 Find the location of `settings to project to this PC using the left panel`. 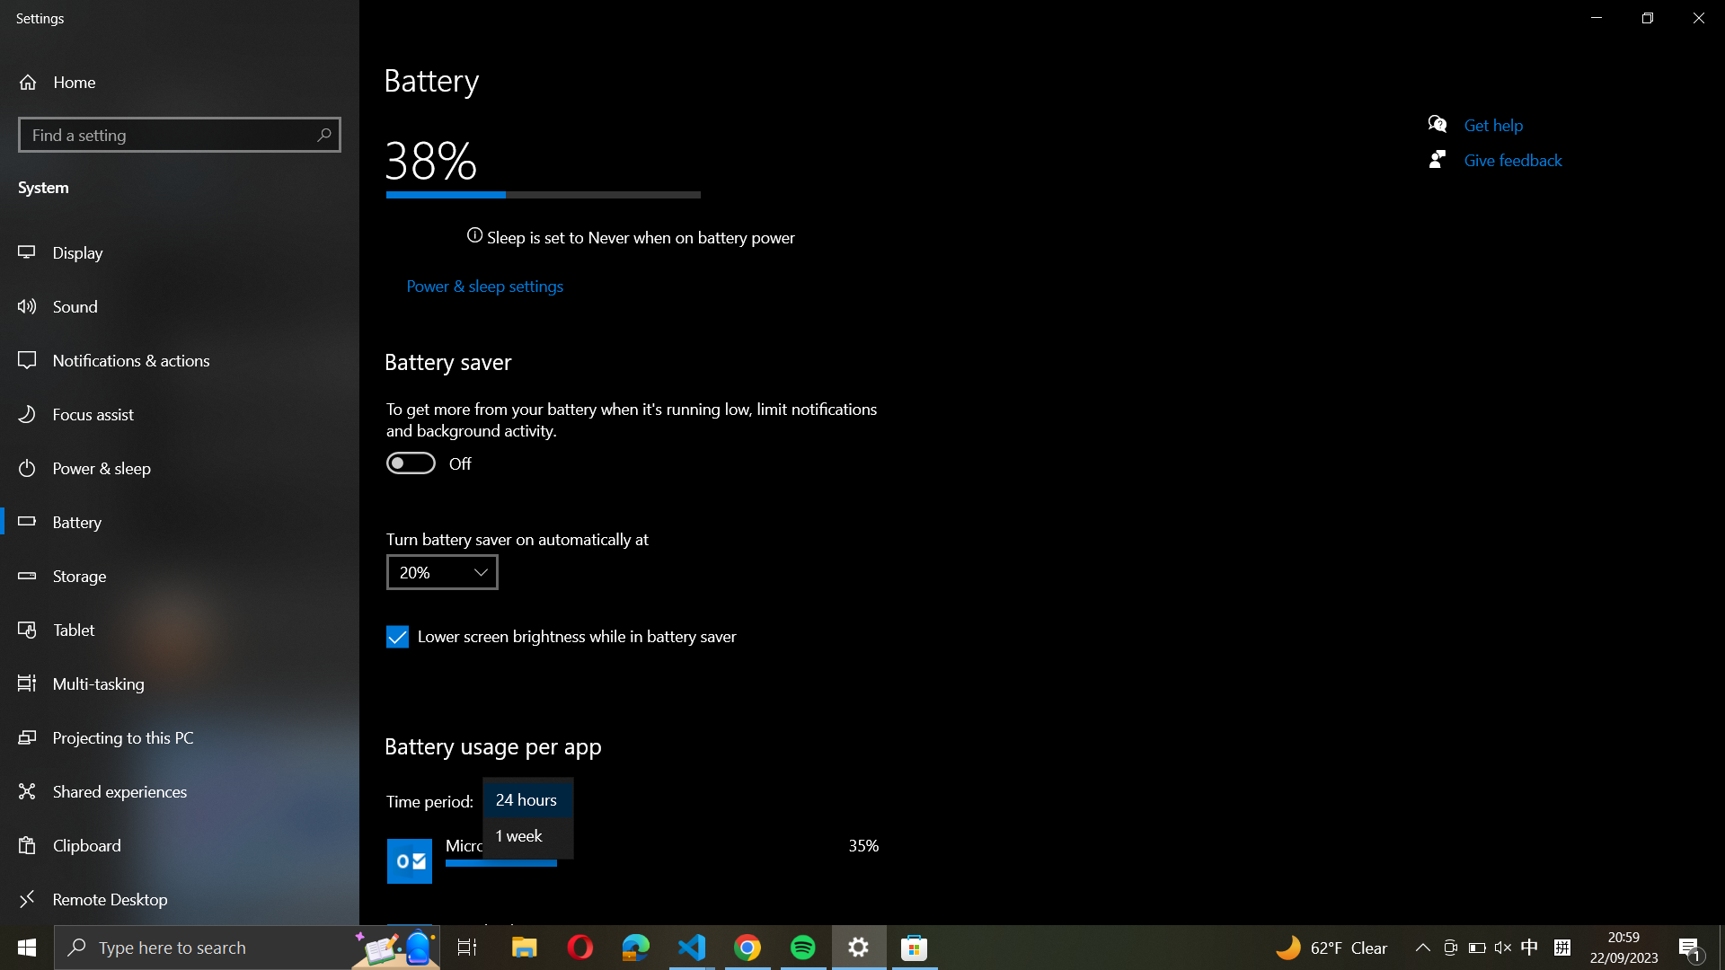

settings to project to this PC using the left panel is located at coordinates (181, 740).